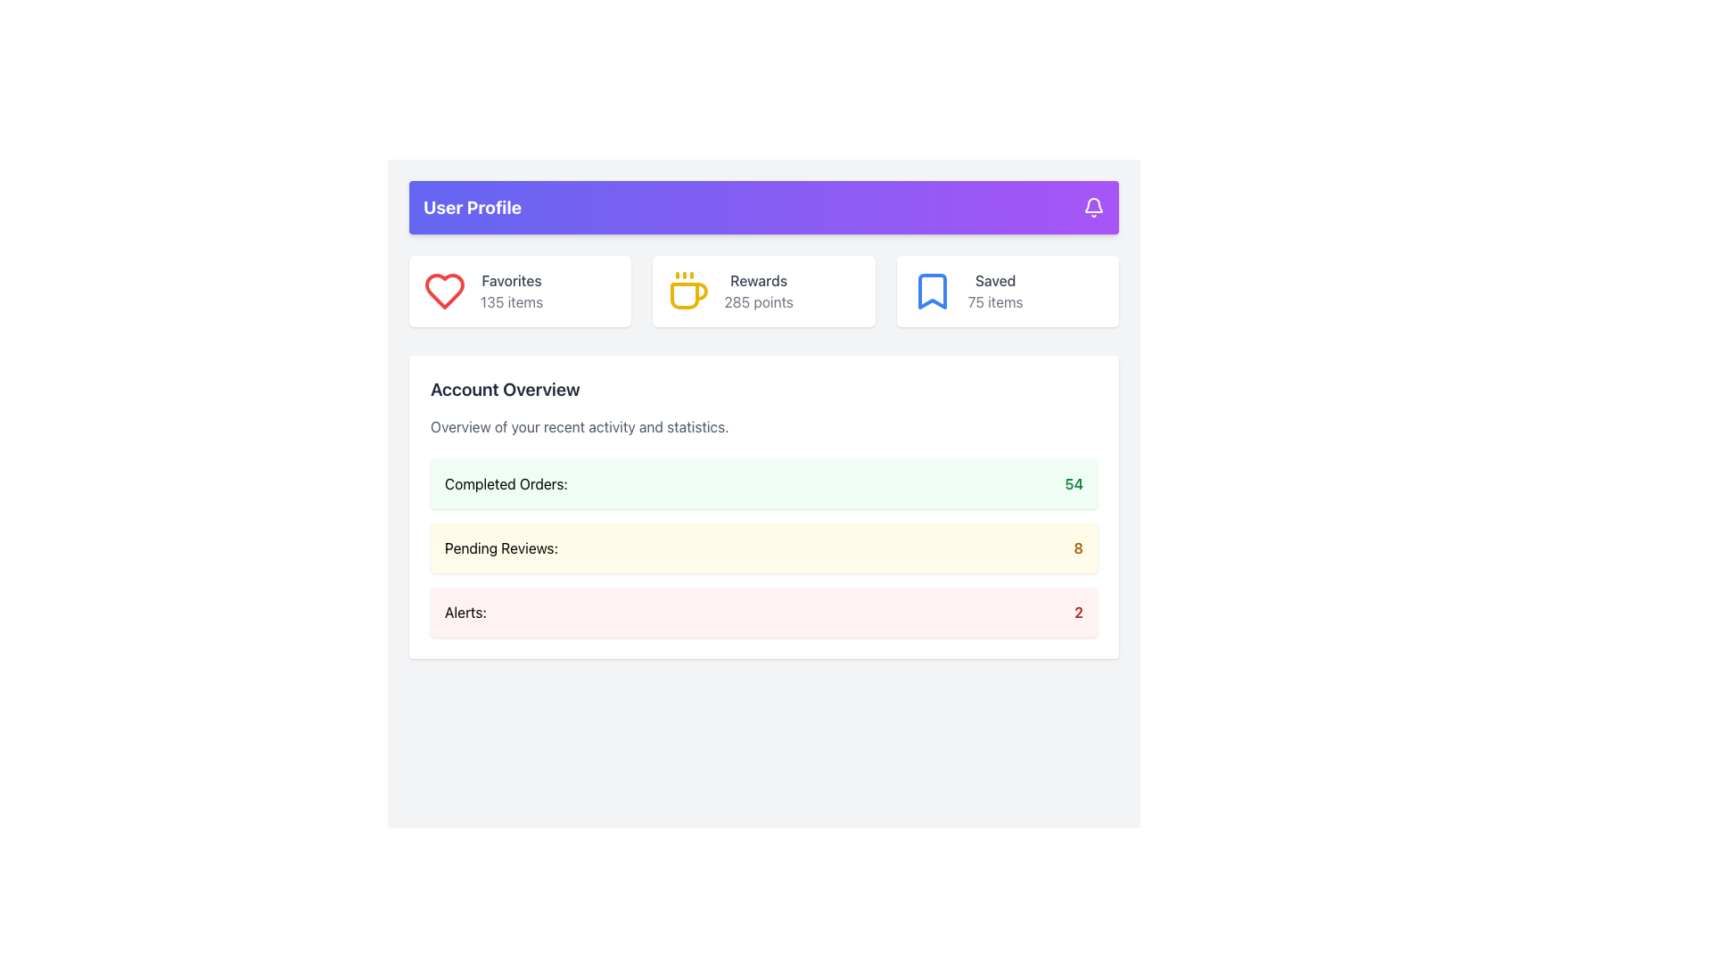  I want to click on the text label displaying 'Alerts:' in bold, black font located inside a light red rectangular box in the 'Account Overview' section, so click(465, 611).